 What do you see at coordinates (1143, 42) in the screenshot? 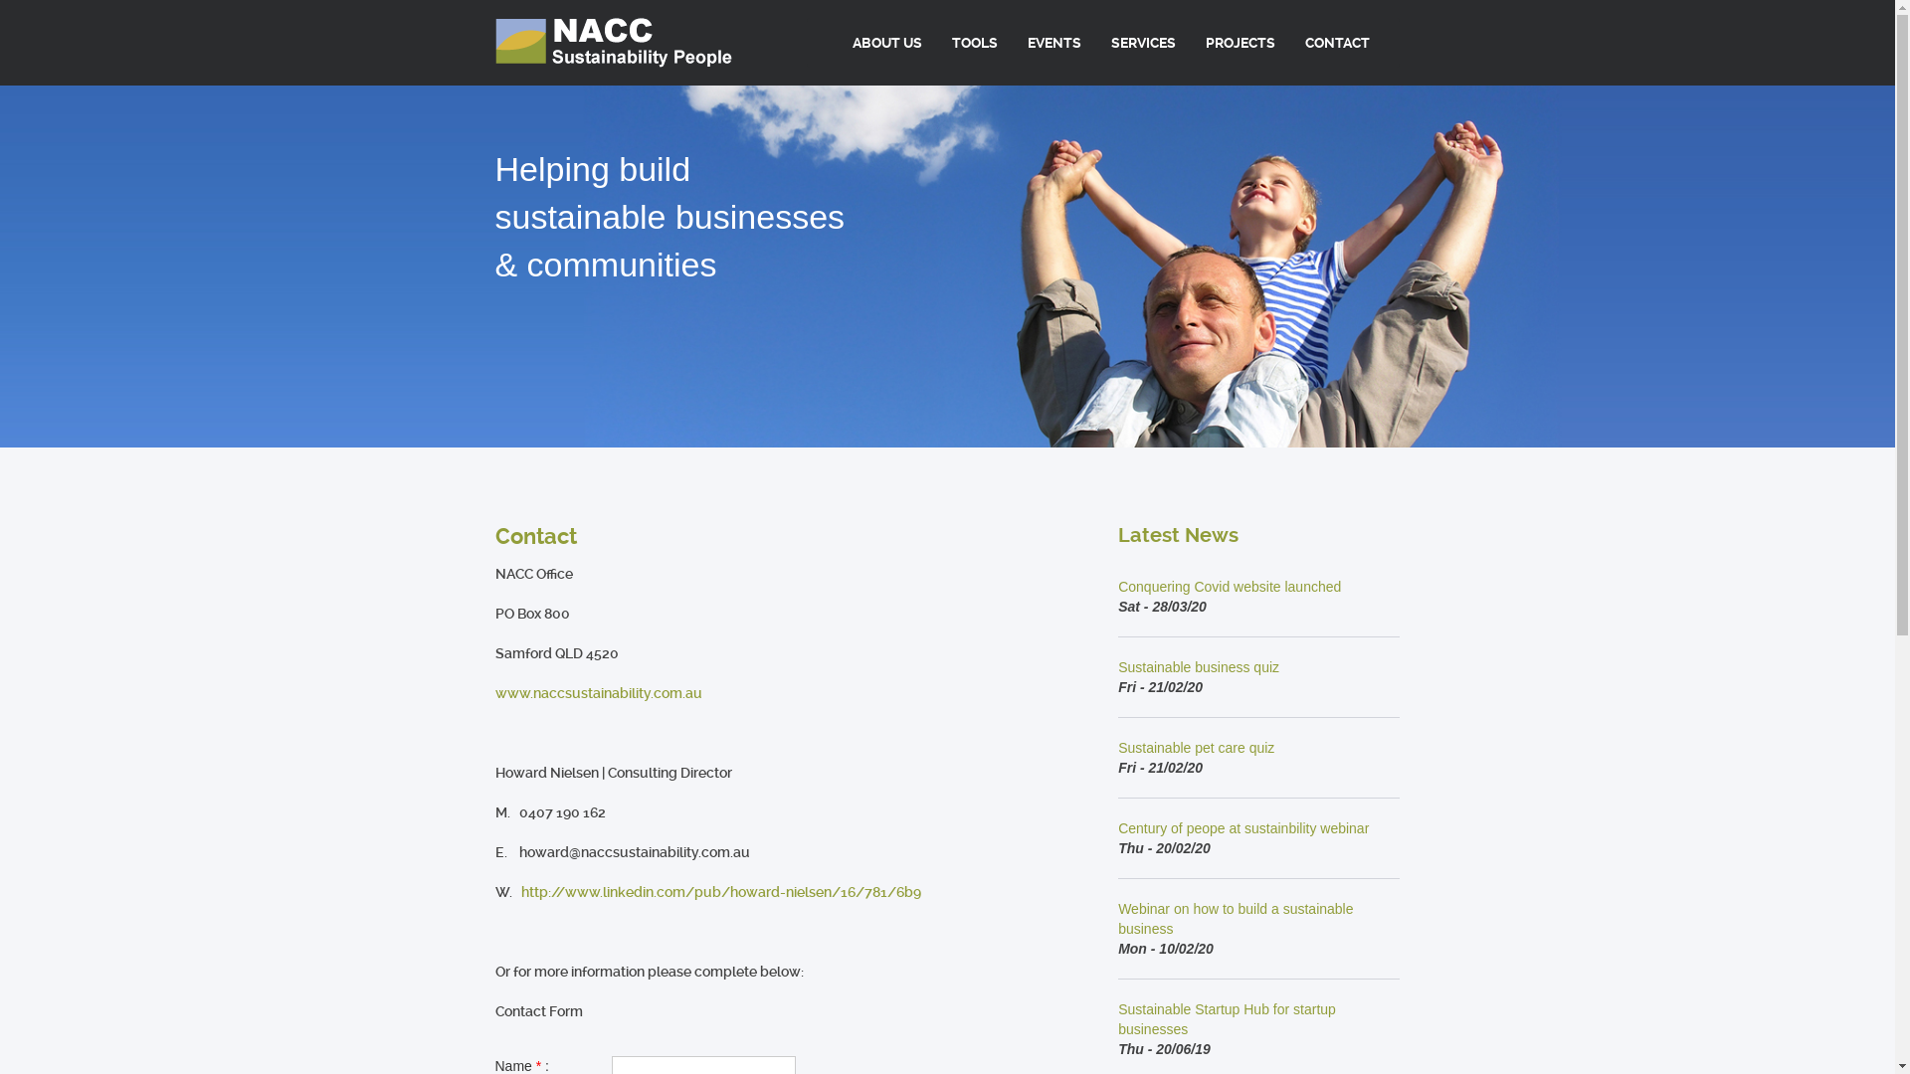
I see `'SERVICES'` at bounding box center [1143, 42].